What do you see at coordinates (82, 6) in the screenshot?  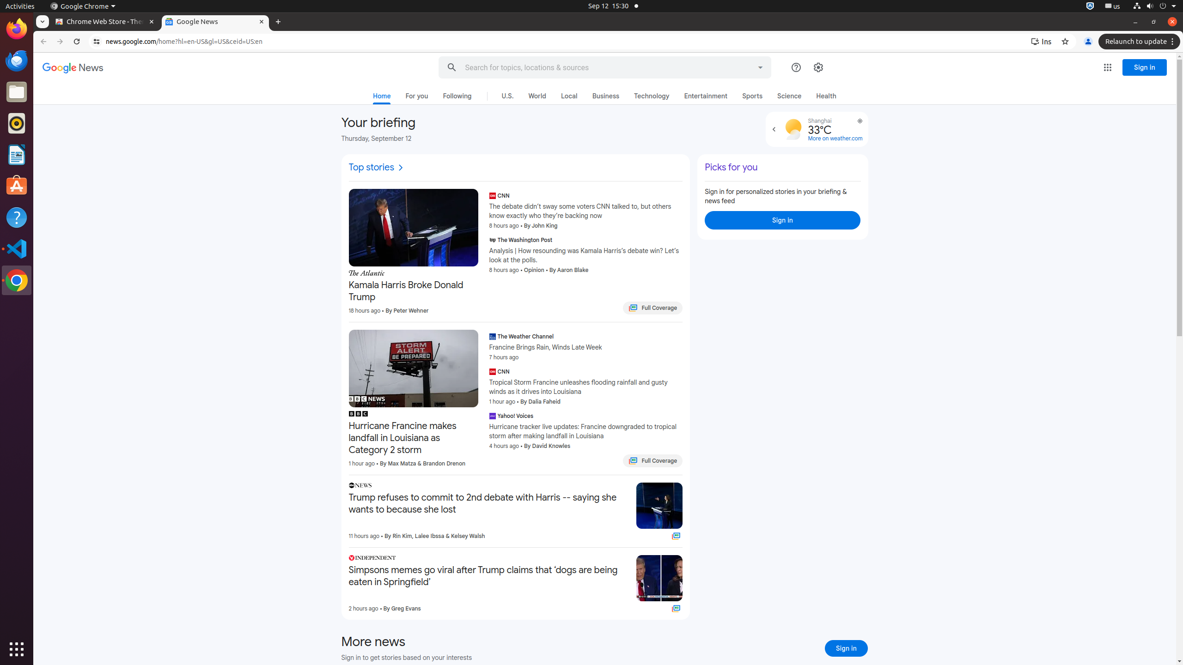 I see `'Google Chrome'` at bounding box center [82, 6].